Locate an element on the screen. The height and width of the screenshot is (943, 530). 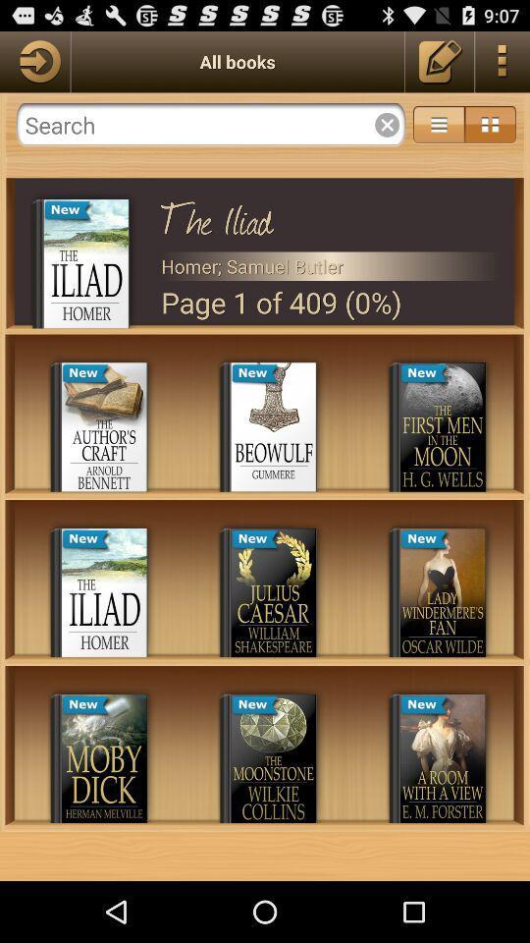
search is located at coordinates (210, 124).